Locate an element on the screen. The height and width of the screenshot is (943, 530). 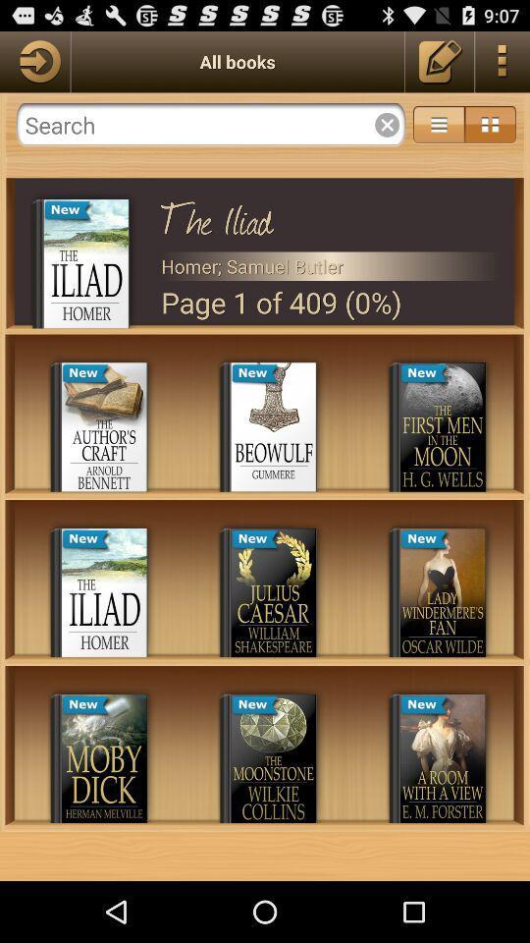
search is located at coordinates (210, 124).